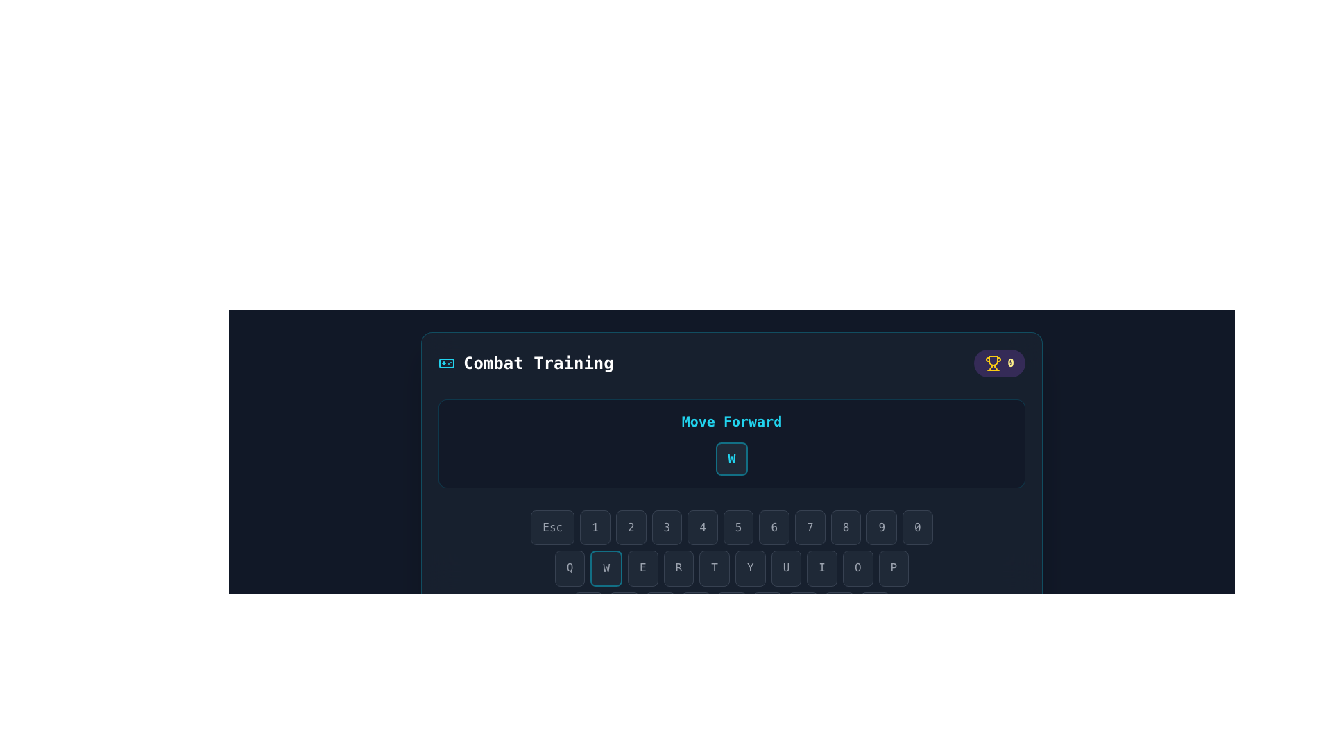  I want to click on the 'P' key on the virtual keyboard to input the letter 'P', so click(893, 569).